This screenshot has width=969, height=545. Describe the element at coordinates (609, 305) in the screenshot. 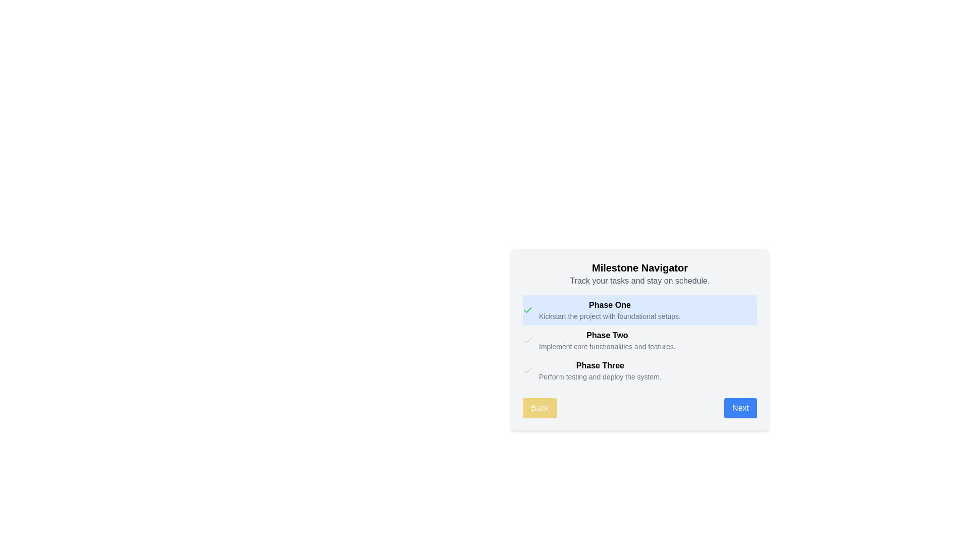

I see `the Text Label that serves as the title for the first phase in a sequence, located above descriptive text in a vertical list of phases` at that location.